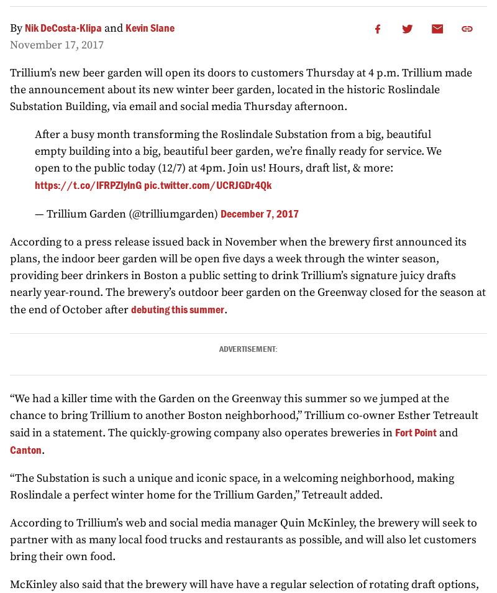  Describe the element at coordinates (127, 214) in the screenshot. I see `'— Trillium Garden (@trilliumgarden)'` at that location.